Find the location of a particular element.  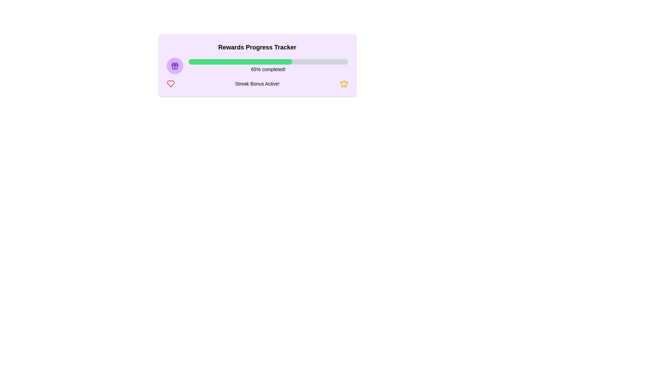

the decorative icon symbolizing rewards or gifts, located inside the 'Rewards Progress Tracker' panel as the first left-aligned element is located at coordinates (175, 66).